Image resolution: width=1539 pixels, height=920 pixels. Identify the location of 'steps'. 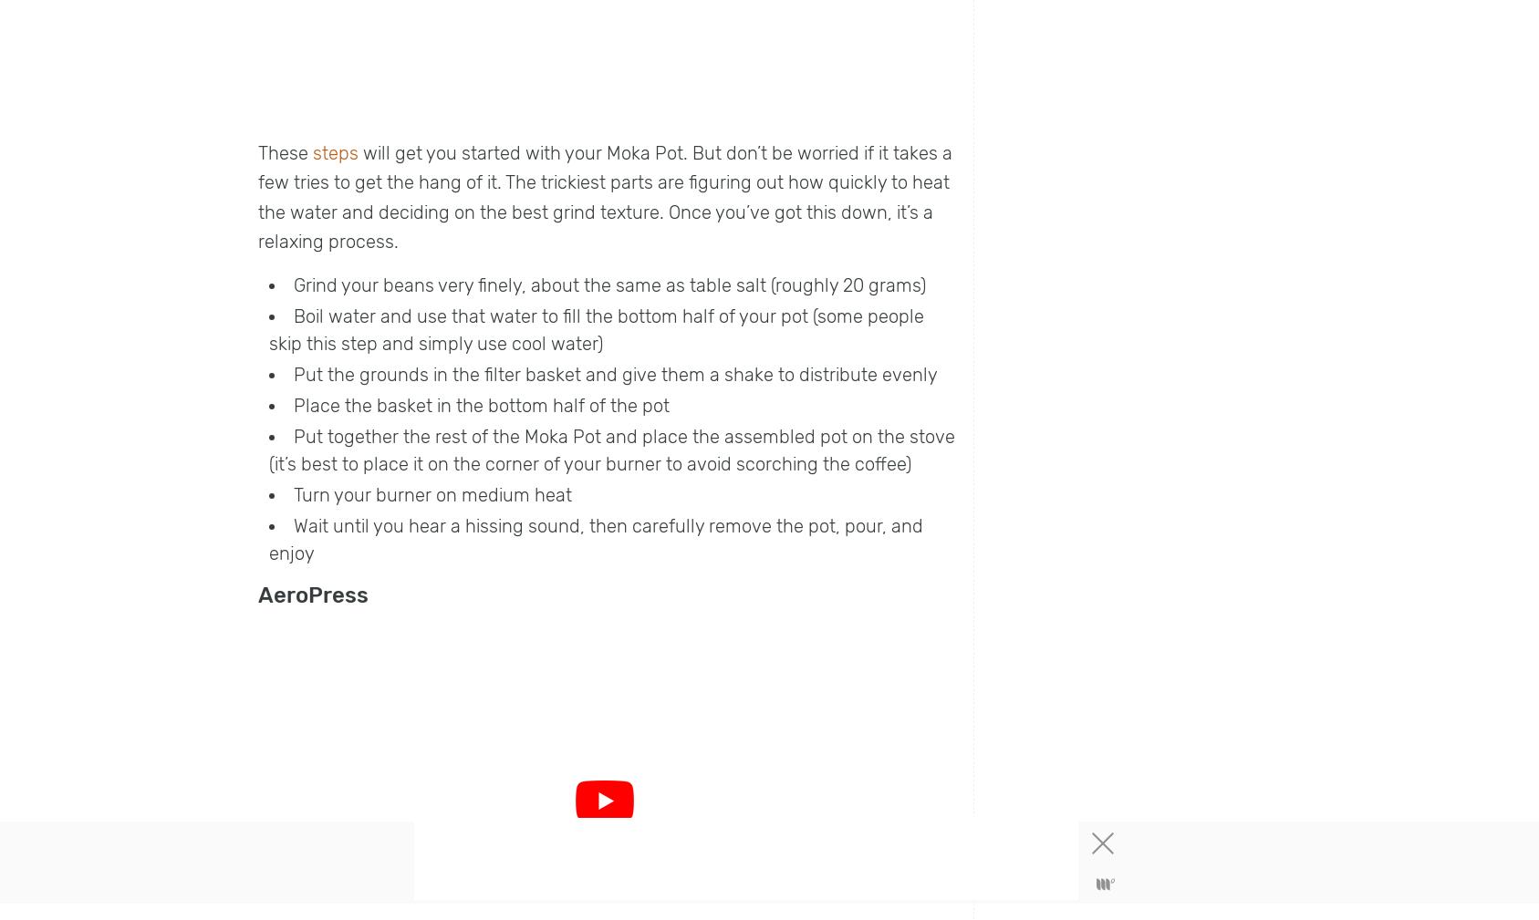
(335, 150).